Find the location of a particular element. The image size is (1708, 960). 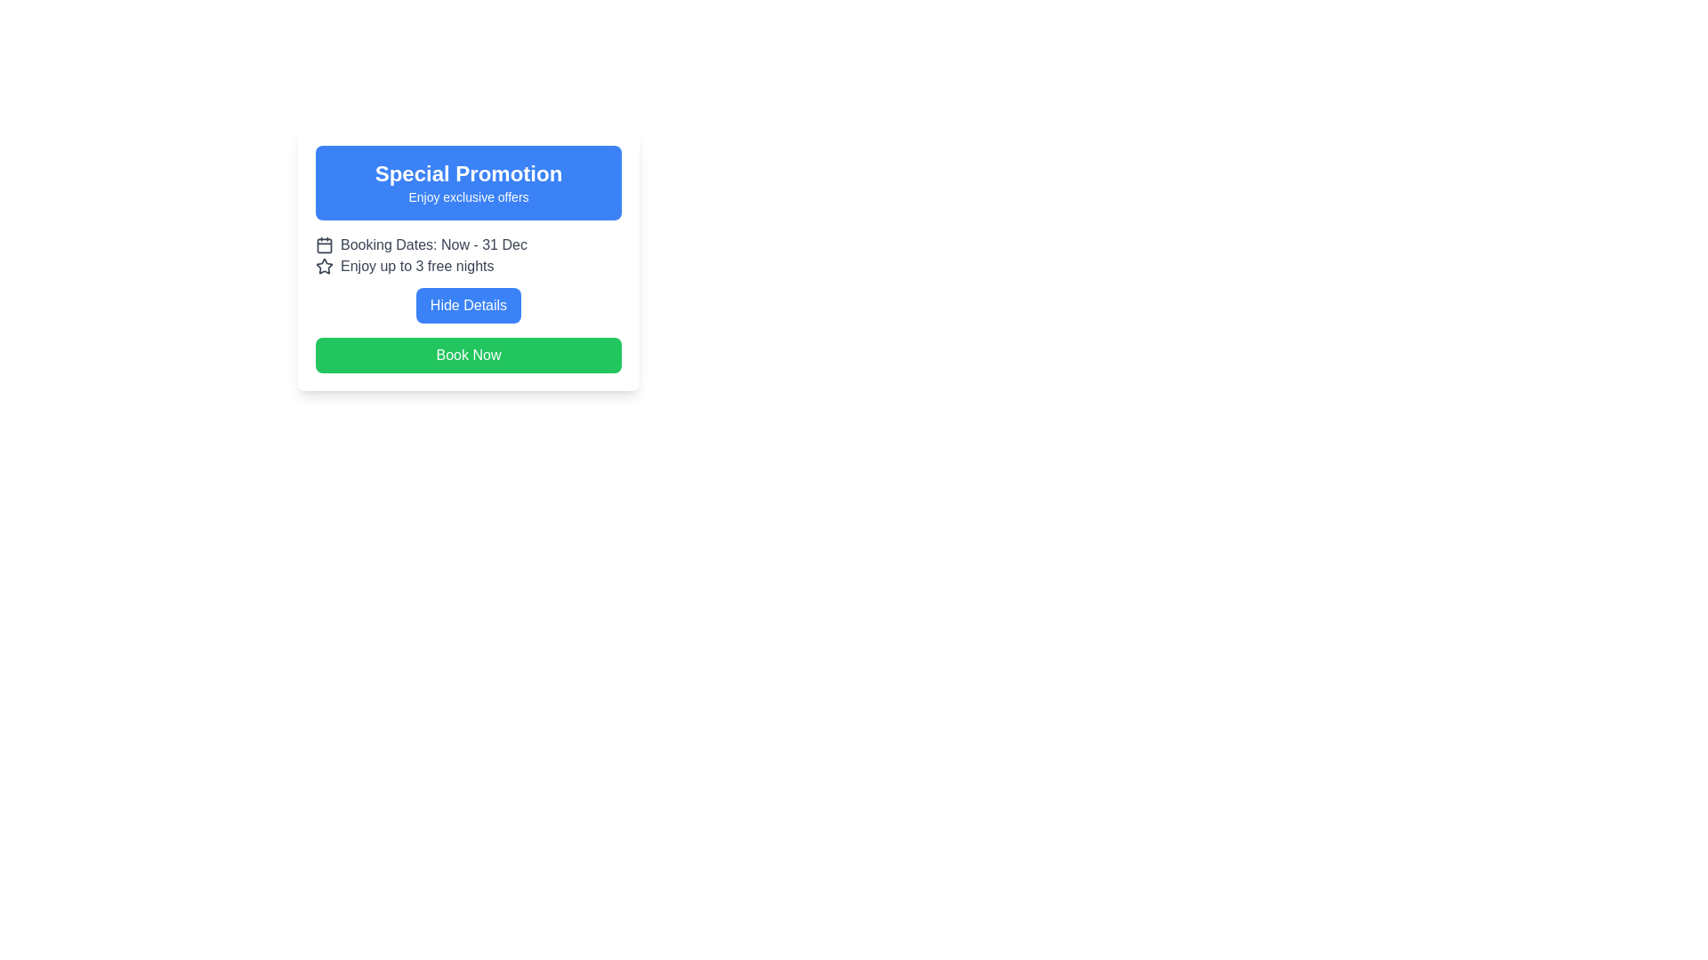

the Header banner with a blue background and white text that reads 'Special Promotion' and 'Enjoy exclusive offers' is located at coordinates (469, 182).